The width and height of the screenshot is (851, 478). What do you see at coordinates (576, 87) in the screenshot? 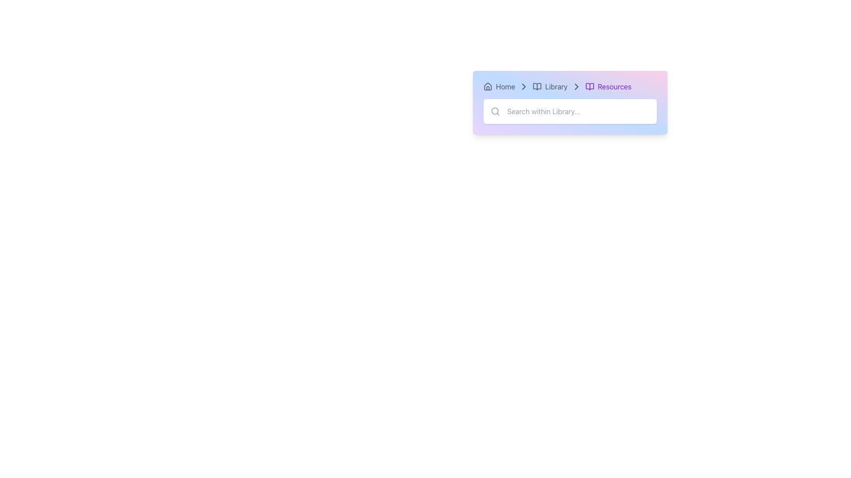
I see `the chevron icon that visually separates 'Home' and 'Library' in the breadcrumb navigation bar` at bounding box center [576, 87].